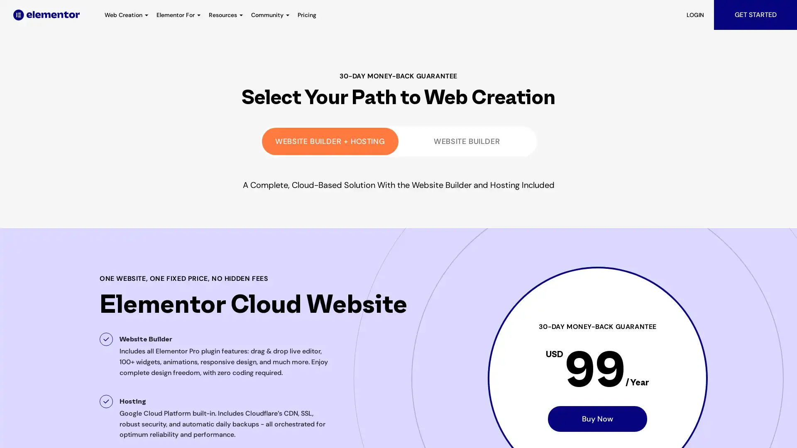 The width and height of the screenshot is (797, 448). I want to click on Buy Elementor Cloud Website, so click(597, 419).